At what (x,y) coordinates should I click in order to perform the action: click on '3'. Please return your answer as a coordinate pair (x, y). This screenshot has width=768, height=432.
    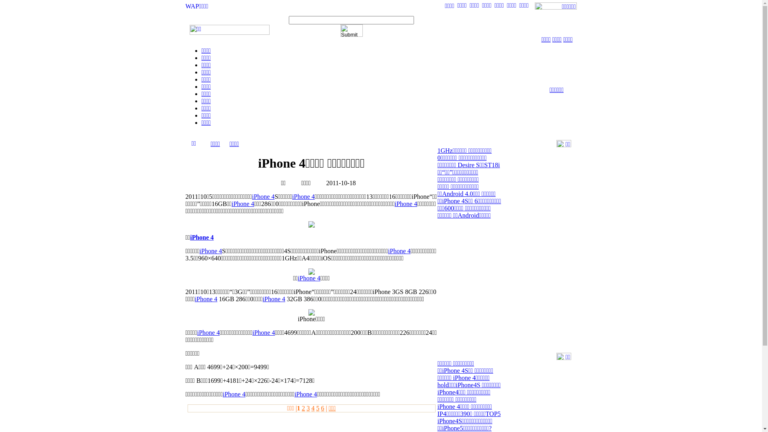
    Looking at the image, I should click on (307, 408).